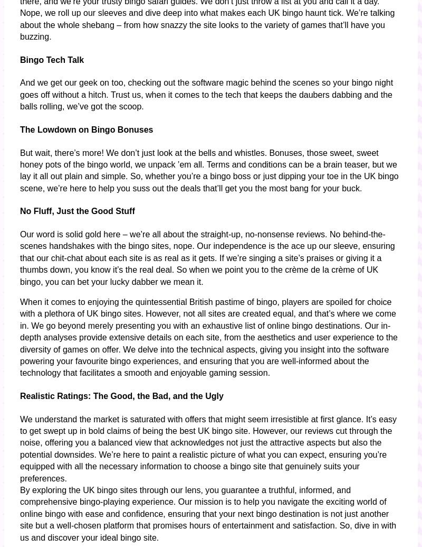 The height and width of the screenshot is (547, 422). I want to click on 'When it comes to enjoying the quintessential British pastime of bingo, players are spoiled for choice with a plethora of UK bingo sites. However, not all sites are created equal, and that’s where we come in. We go beyond merely presenting you with an exhaustive list of online bingo destinations. Our in-depth analyses provide extensive details on each site, from the aesthetics and user experience to the diversity of games on offer. We delve into the technical aspects, giving you insight into the software powering your favourite bingo experiences, and ensuring that you are well-informed about the technology that facilitates a smooth and enjoyable gaming session.', so click(208, 337).